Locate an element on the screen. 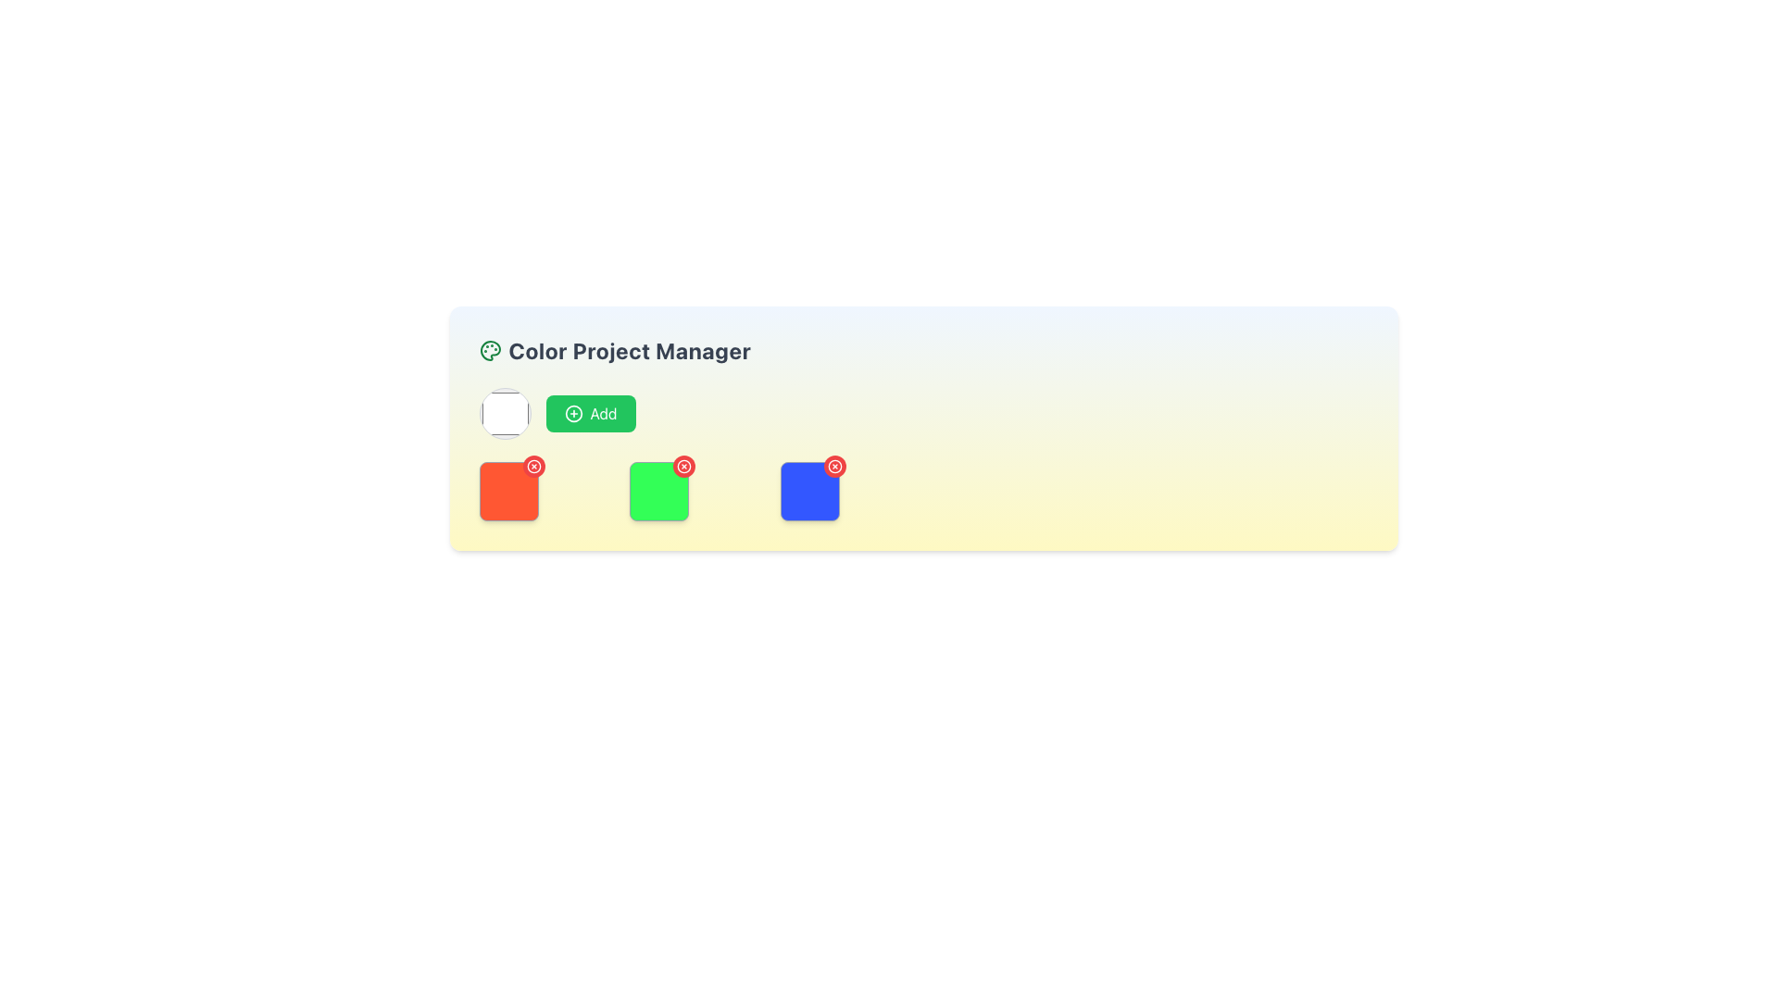 This screenshot has height=1000, width=1778. the red circular icon button with an 'X' symbol is located at coordinates (683, 466).